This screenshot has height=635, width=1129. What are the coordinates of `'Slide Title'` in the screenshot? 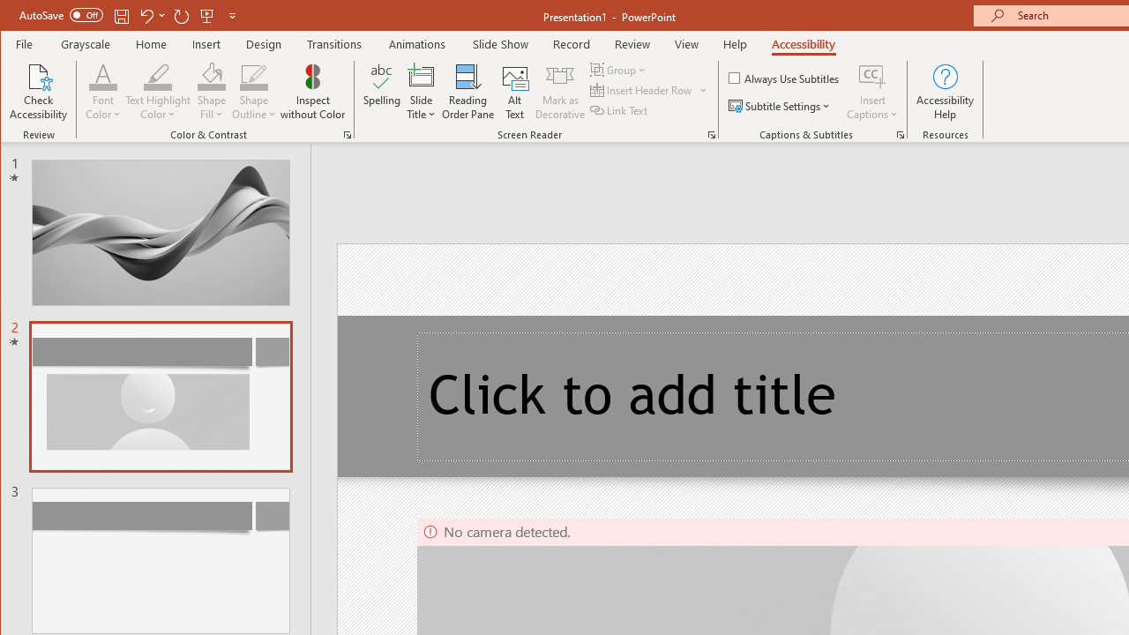 It's located at (421, 92).